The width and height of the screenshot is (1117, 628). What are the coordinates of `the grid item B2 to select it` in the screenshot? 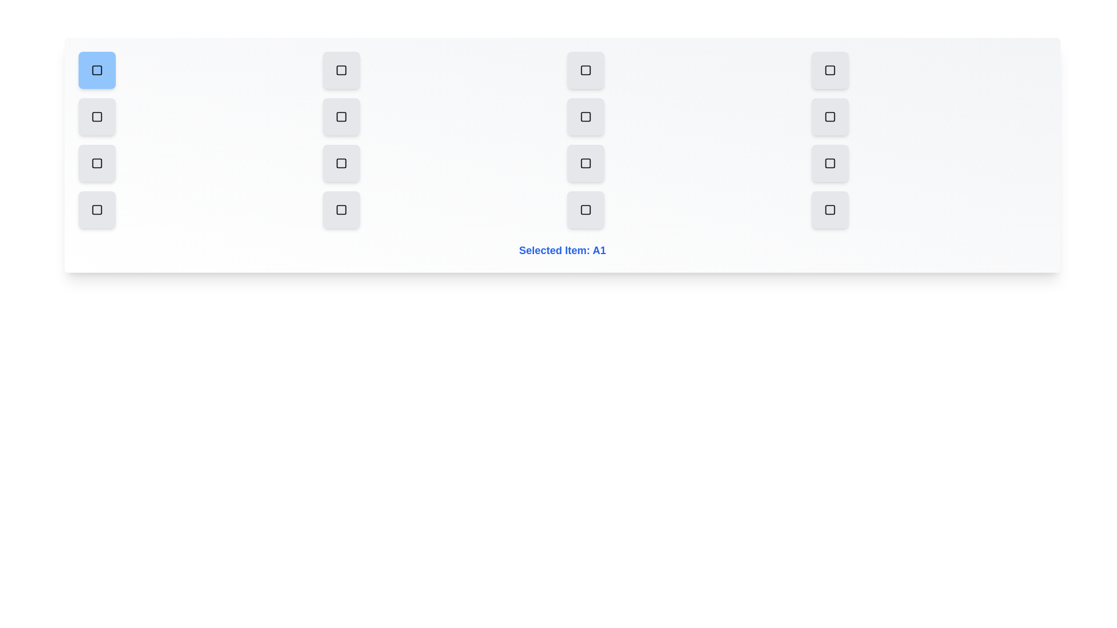 It's located at (340, 116).